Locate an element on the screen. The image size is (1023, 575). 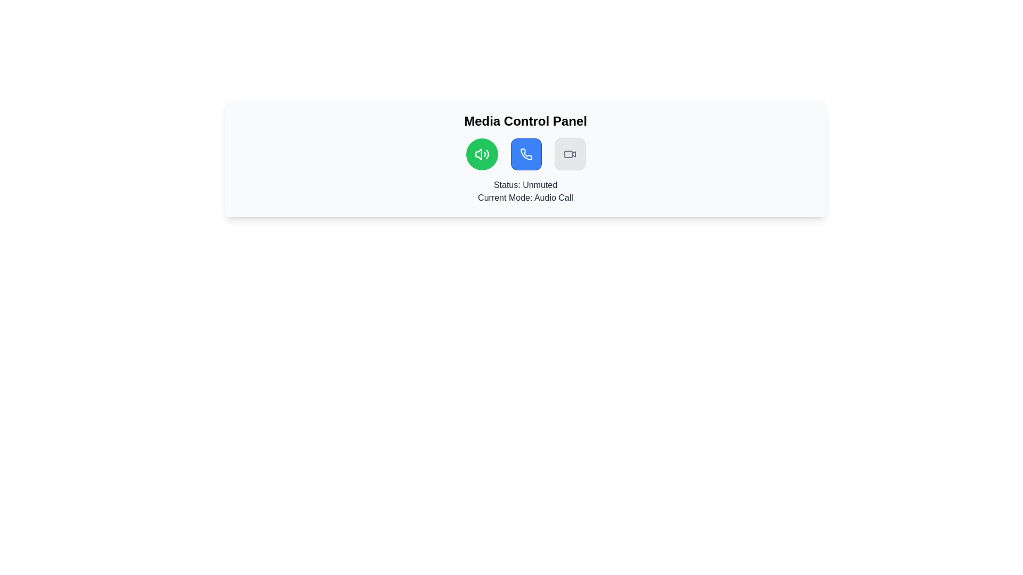
the rectangular button with rounded corners and a video camera icon to switch to video mode is located at coordinates (569, 154).